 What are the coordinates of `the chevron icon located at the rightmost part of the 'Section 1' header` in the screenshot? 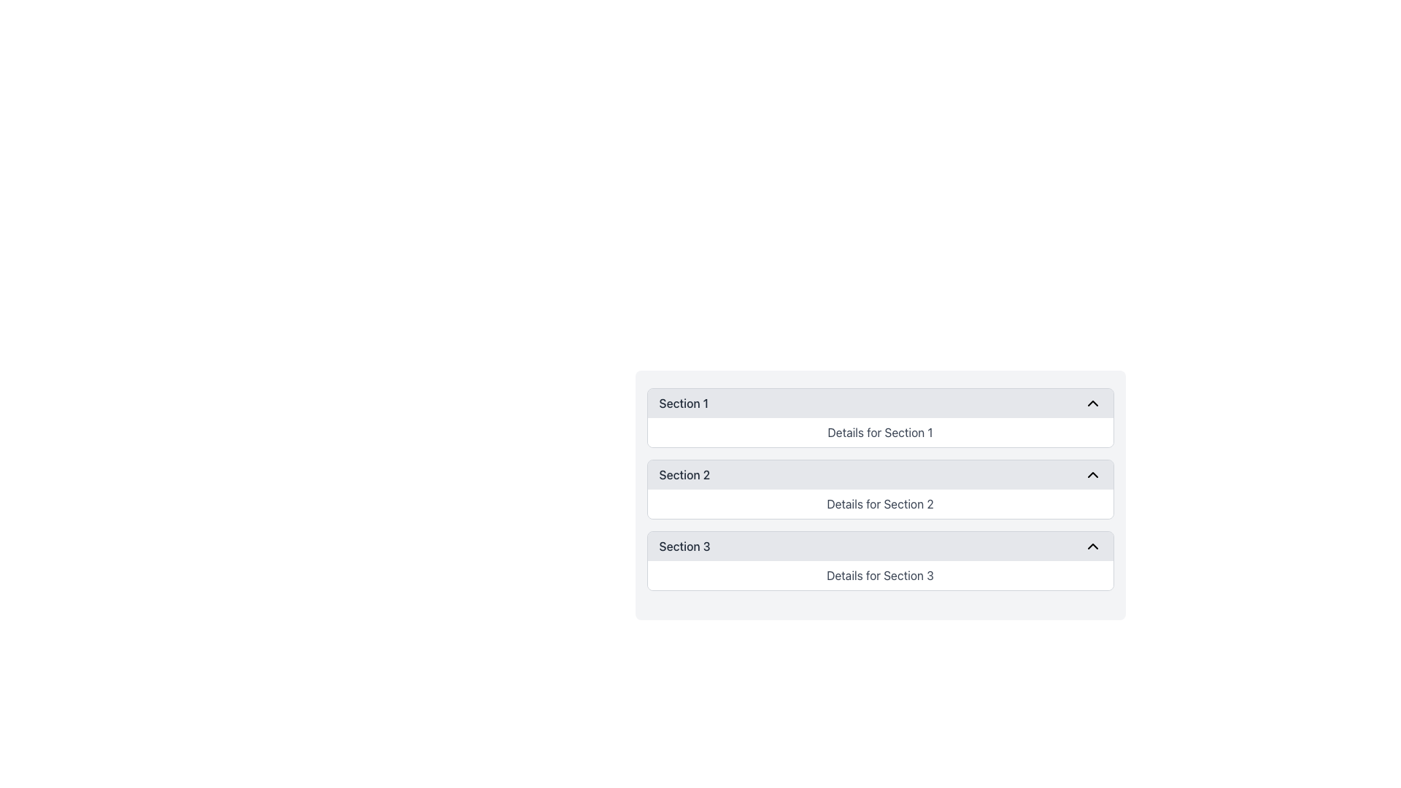 It's located at (1092, 403).